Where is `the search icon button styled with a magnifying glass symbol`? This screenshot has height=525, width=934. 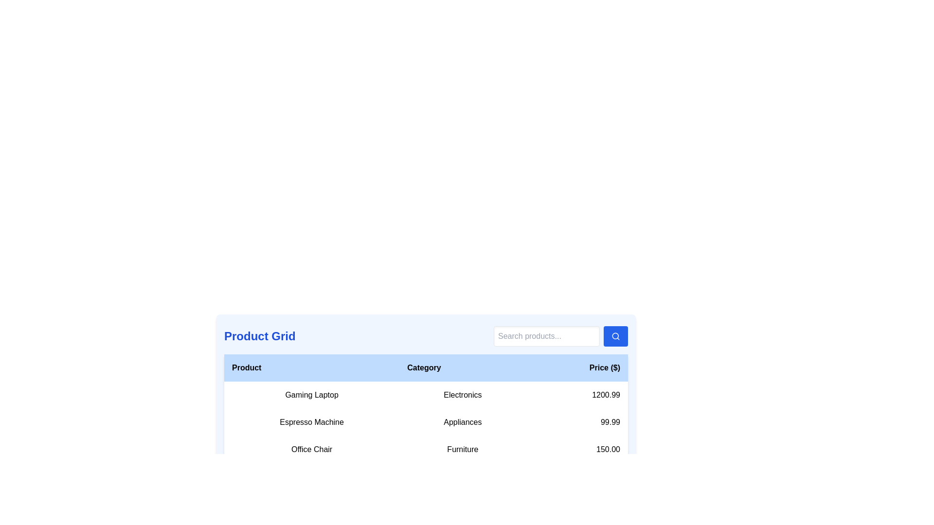
the search icon button styled with a magnifying glass symbol is located at coordinates (615, 335).